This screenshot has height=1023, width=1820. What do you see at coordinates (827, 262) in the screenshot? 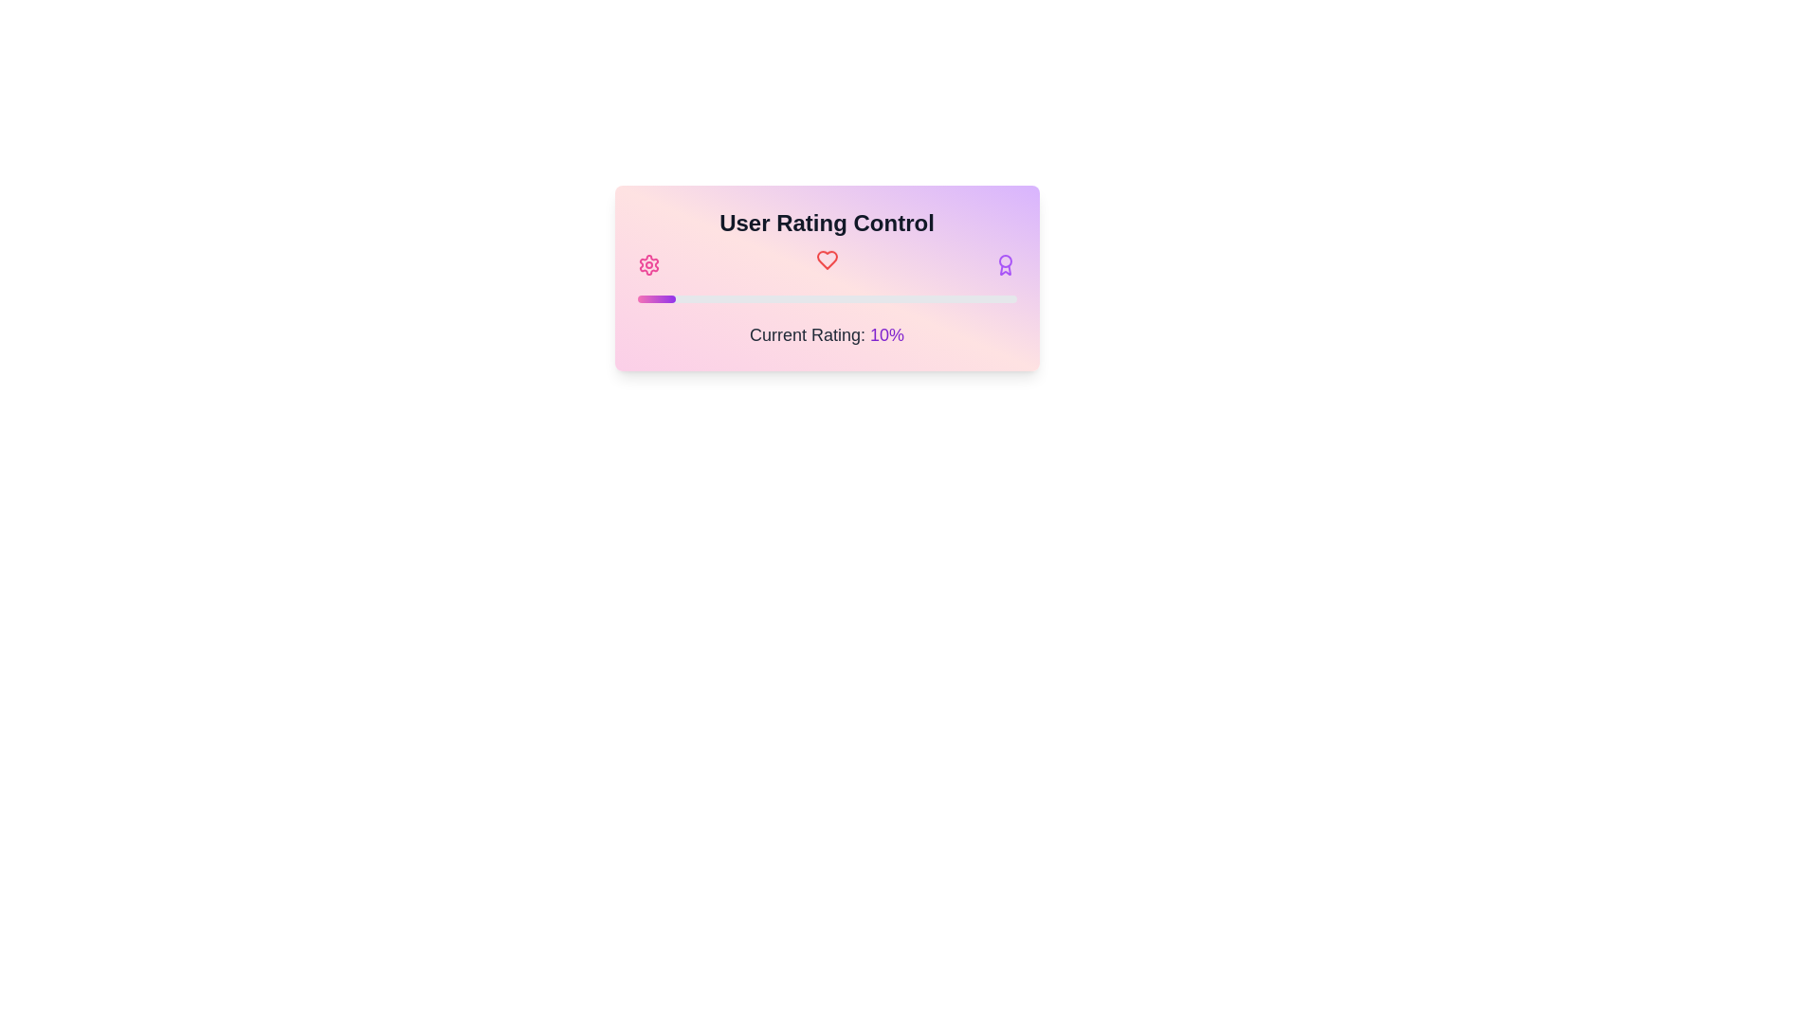
I see `the heart icon representing the favorite or like functionality, which is centered under the 'User Rating Control' title and between the gear and award icons` at bounding box center [827, 262].